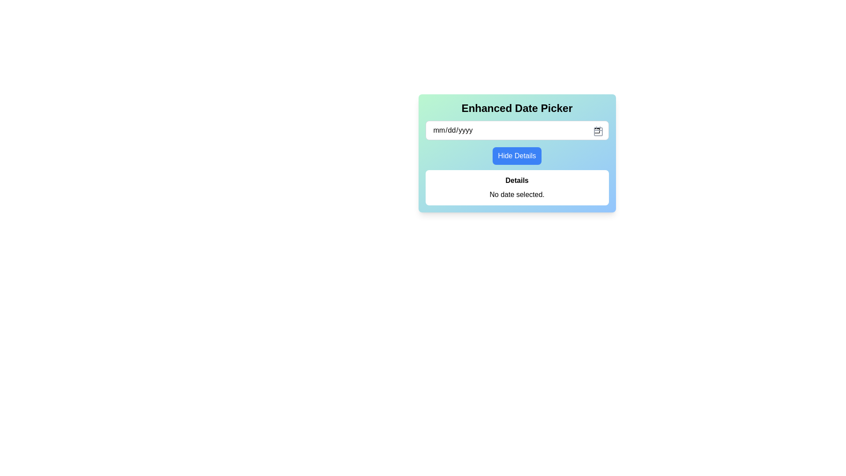  I want to click on the toggle button located centrally below the text input field, so click(517, 156).